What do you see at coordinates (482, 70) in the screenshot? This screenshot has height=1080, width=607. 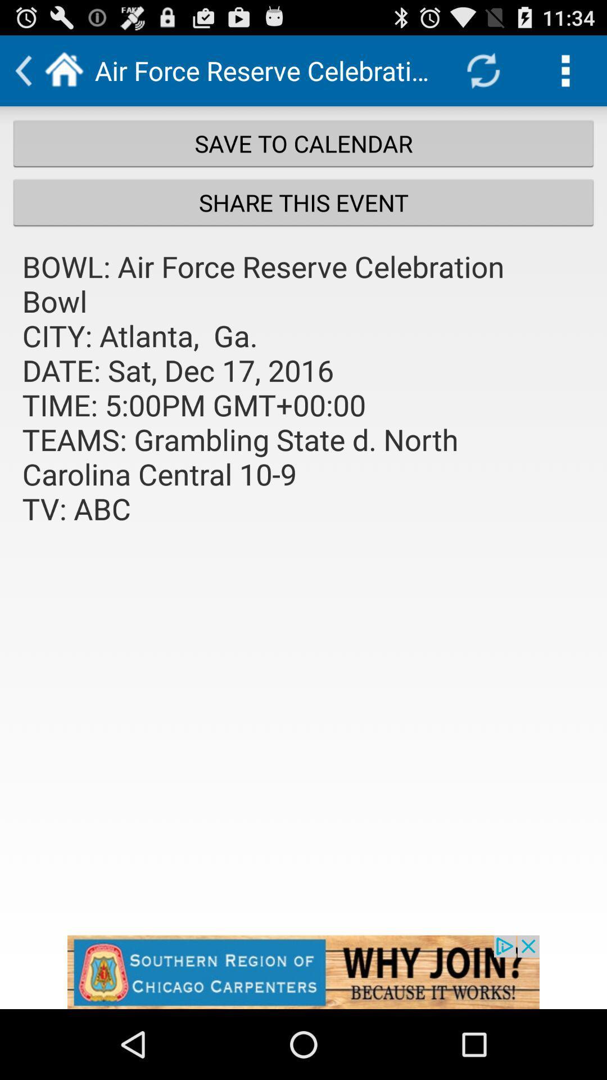 I see `update` at bounding box center [482, 70].